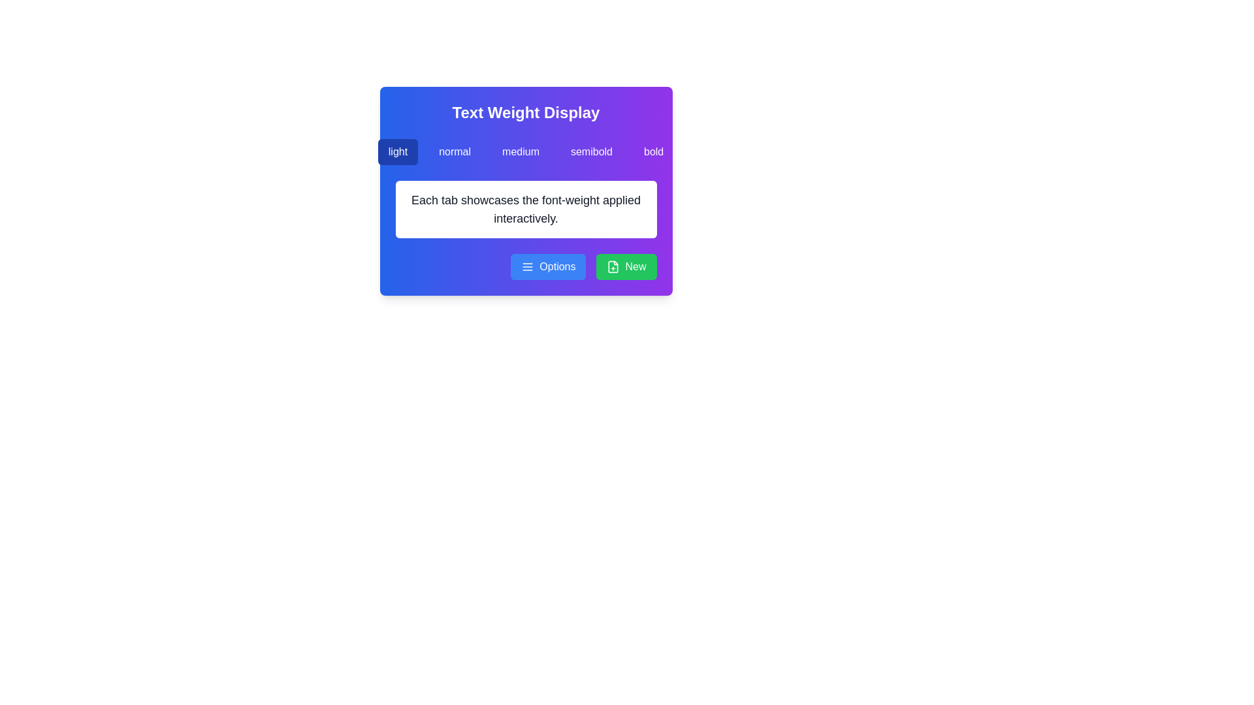 Image resolution: width=1254 pixels, height=705 pixels. I want to click on the icon located to the right of the text 'New' within the green button in the bottom right corner of the interface, so click(613, 266).